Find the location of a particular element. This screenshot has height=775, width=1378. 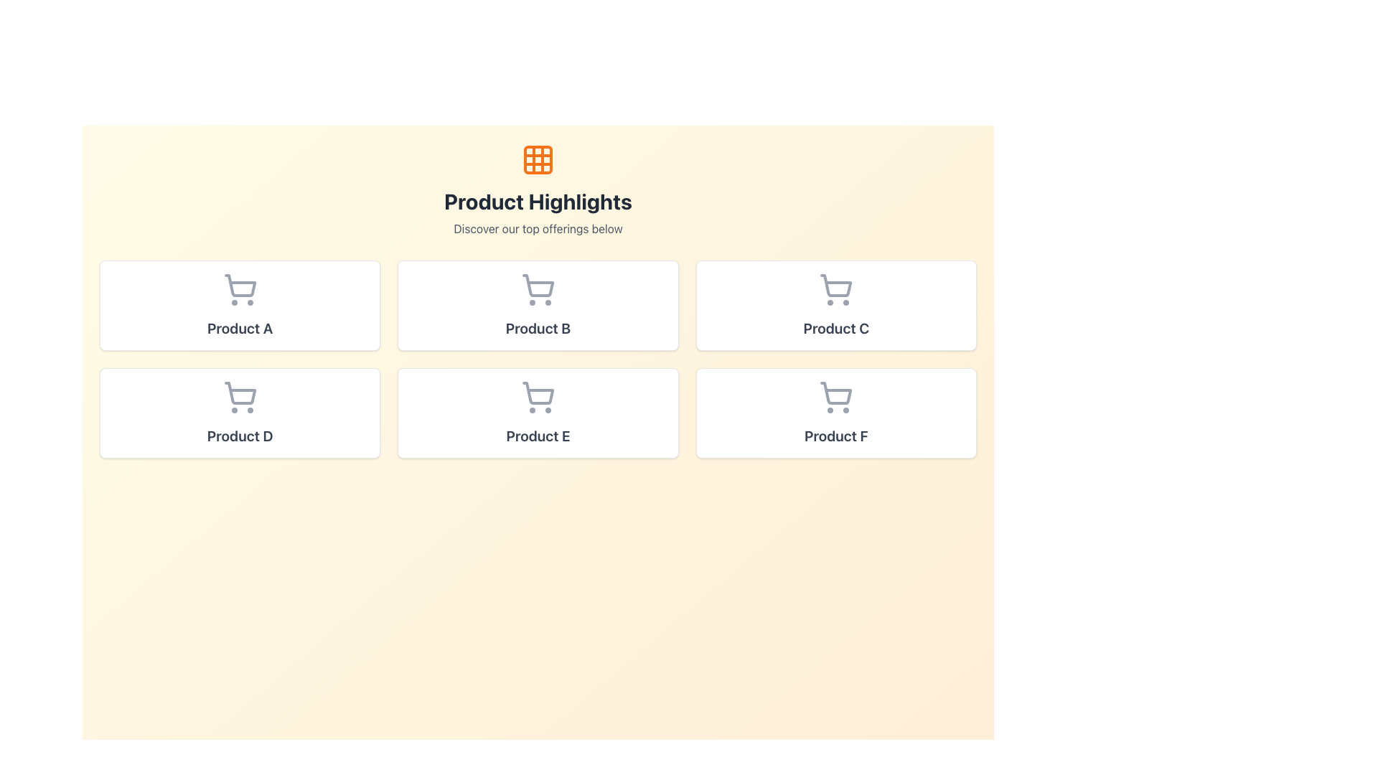

the 'Product Highlights' heading, which is a bold, large text in black font against a light beige background, centered at the top of the interface is located at coordinates (537, 202).